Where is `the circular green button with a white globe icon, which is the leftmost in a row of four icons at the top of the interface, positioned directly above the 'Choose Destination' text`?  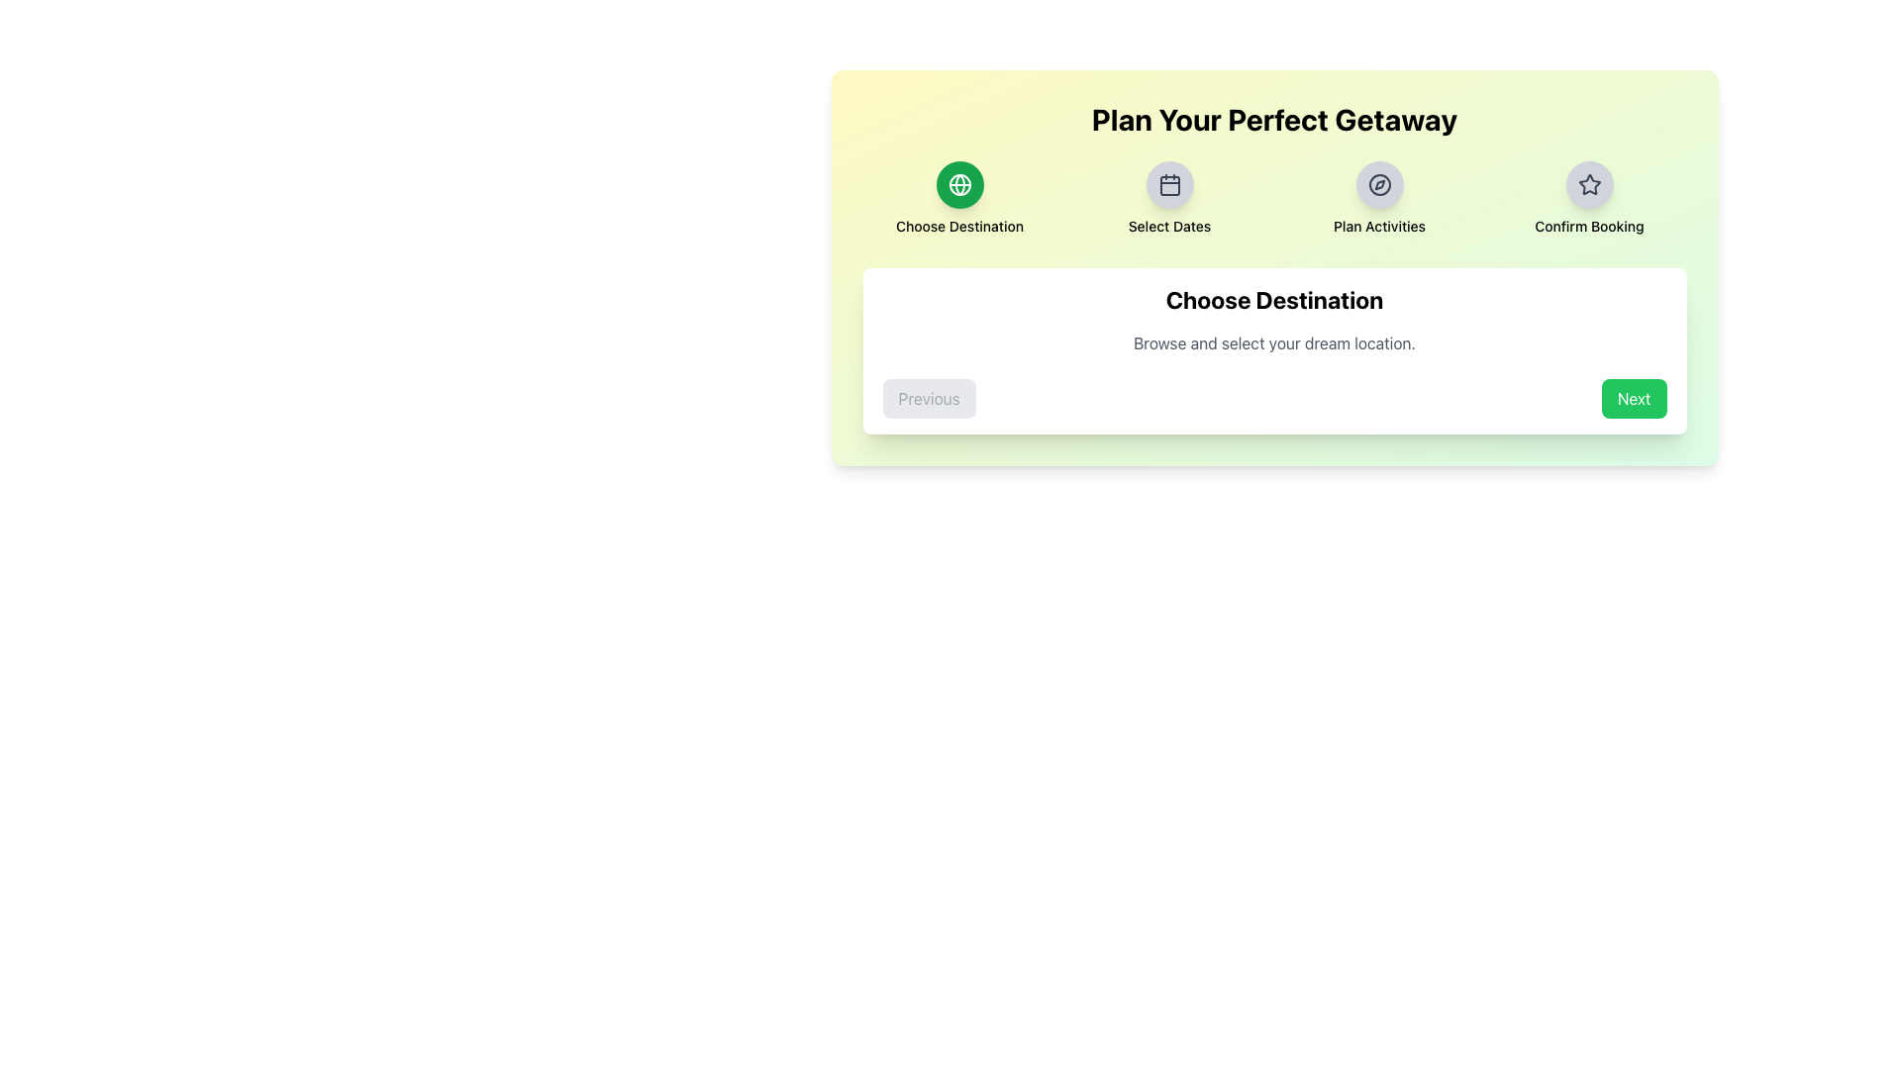 the circular green button with a white globe icon, which is the leftmost in a row of four icons at the top of the interface, positioned directly above the 'Choose Destination' text is located at coordinates (959, 184).